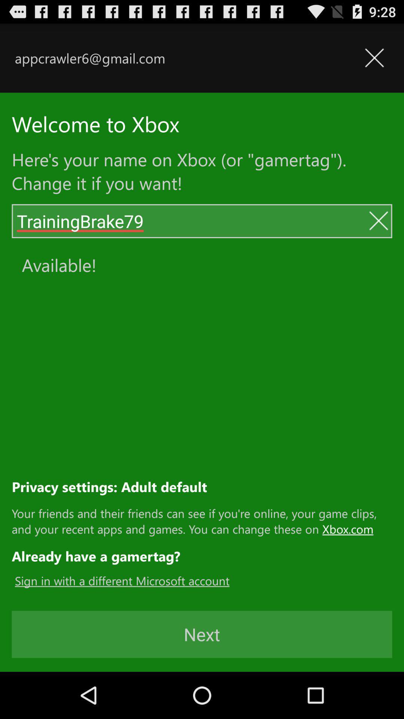  I want to click on the name text field above available, so click(190, 221).